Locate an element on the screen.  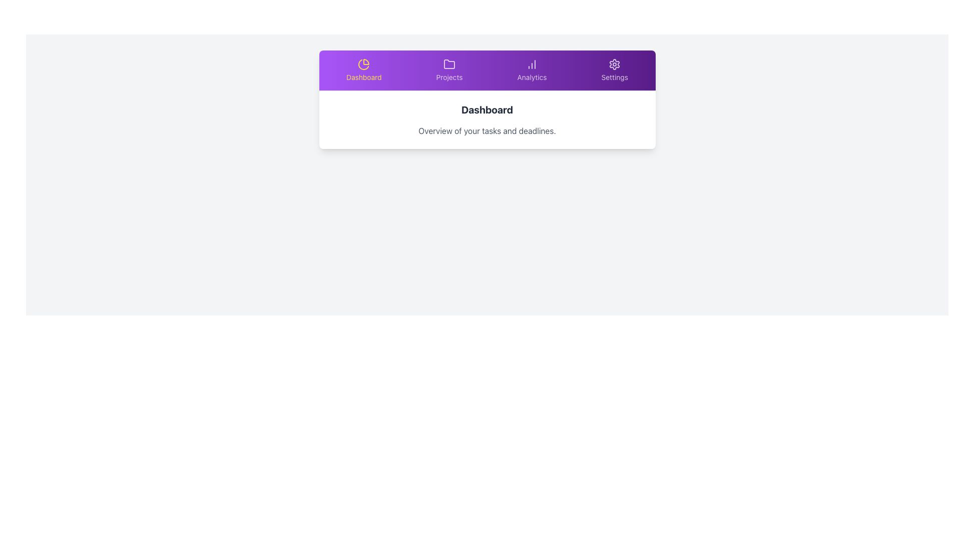
the 'Settings' icon located on the far-right side of the navigation bar is located at coordinates (614, 64).